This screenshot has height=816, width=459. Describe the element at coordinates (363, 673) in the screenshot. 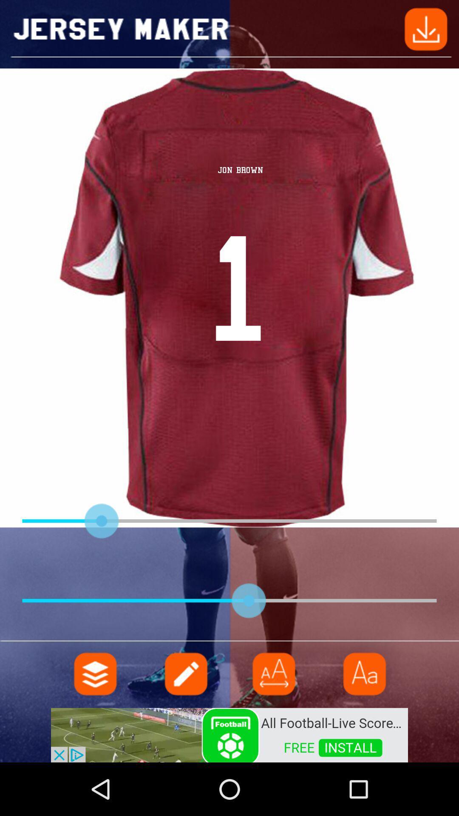

I see `change font type` at that location.